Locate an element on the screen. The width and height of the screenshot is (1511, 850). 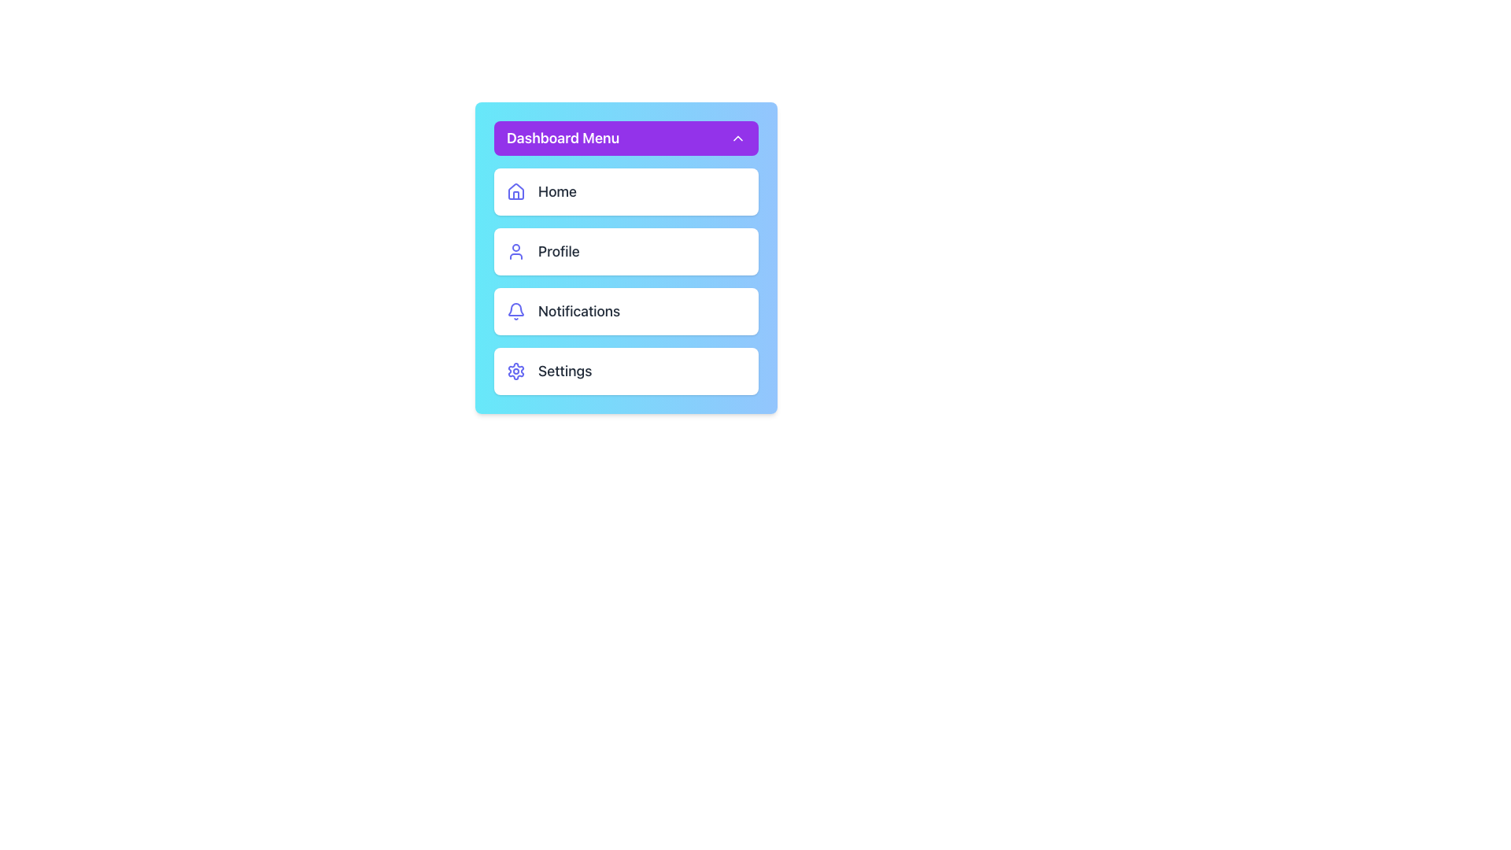
the 'Dashboard Menu' text label, which is prominently displayed in bold white font on a purple background within a dropdown menu header is located at coordinates (563, 138).